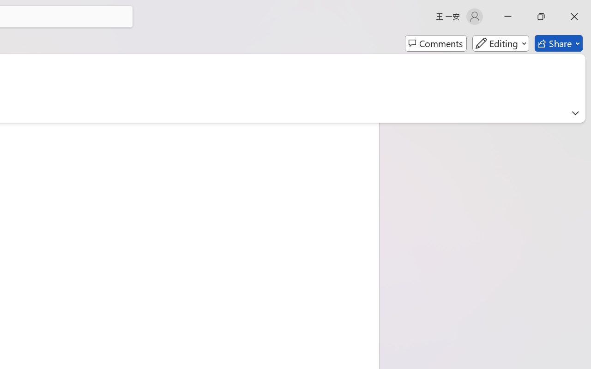  I want to click on 'Restore Down', so click(541, 16).